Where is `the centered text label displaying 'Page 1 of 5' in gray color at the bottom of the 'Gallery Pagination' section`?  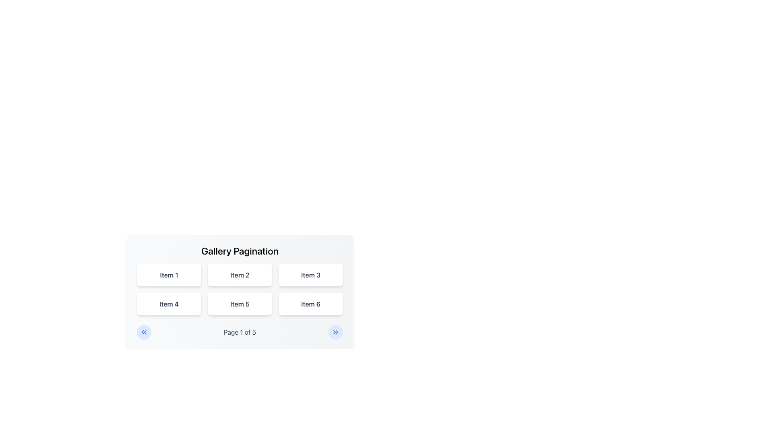 the centered text label displaying 'Page 1 of 5' in gray color at the bottom of the 'Gallery Pagination' section is located at coordinates (239, 332).